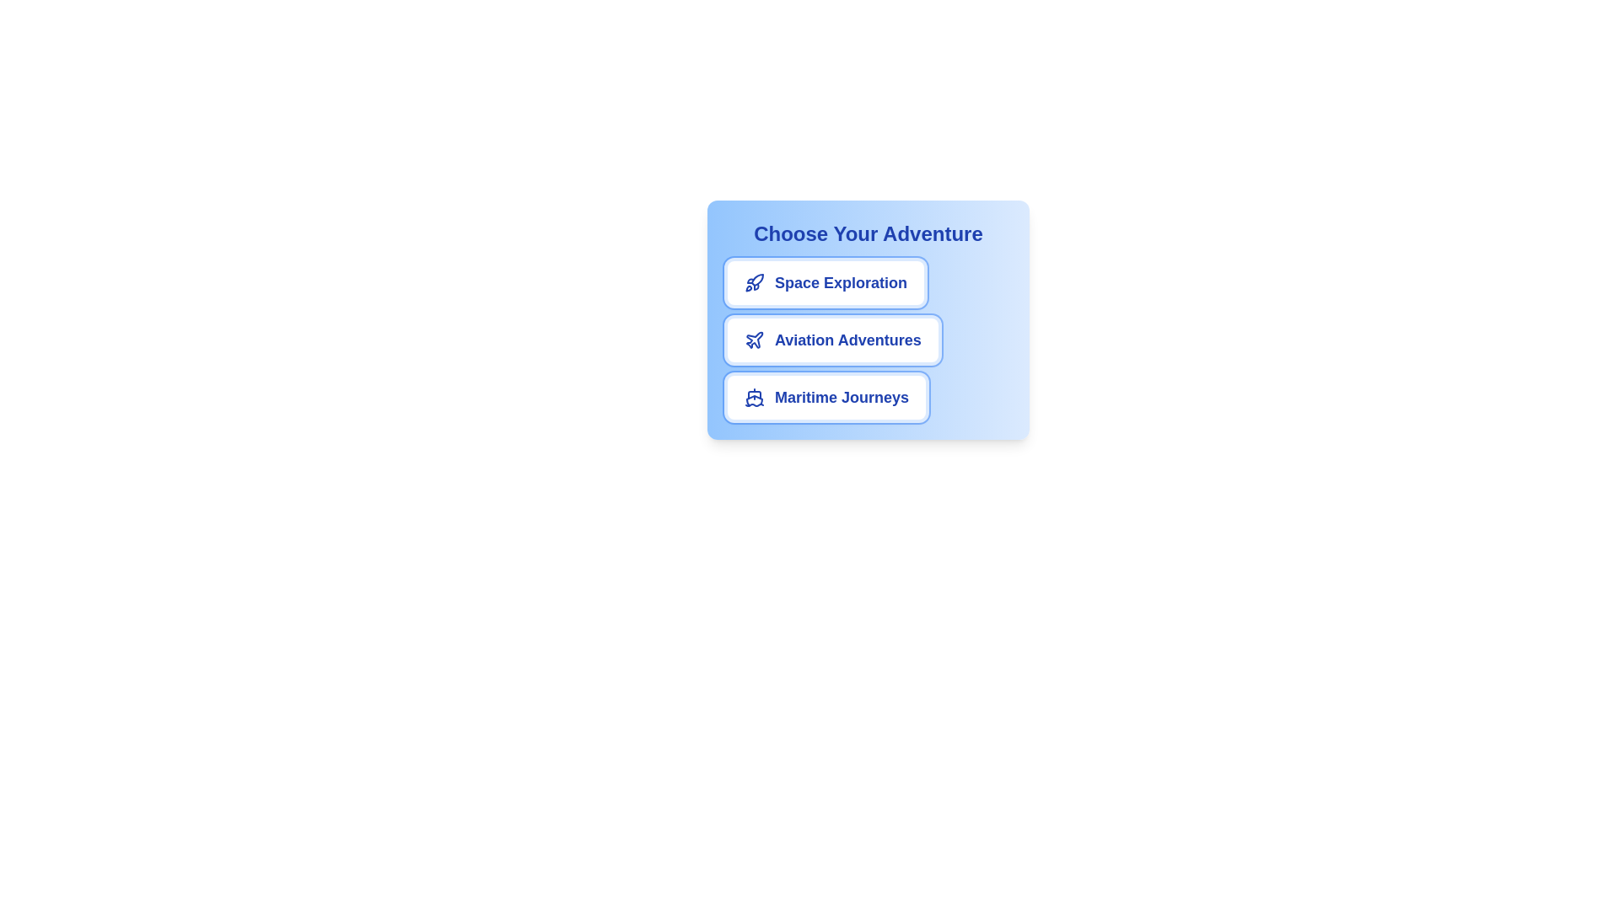 The height and width of the screenshot is (910, 1619). What do you see at coordinates (753, 340) in the screenshot?
I see `the icon for the chip labeled Aviation Adventures` at bounding box center [753, 340].